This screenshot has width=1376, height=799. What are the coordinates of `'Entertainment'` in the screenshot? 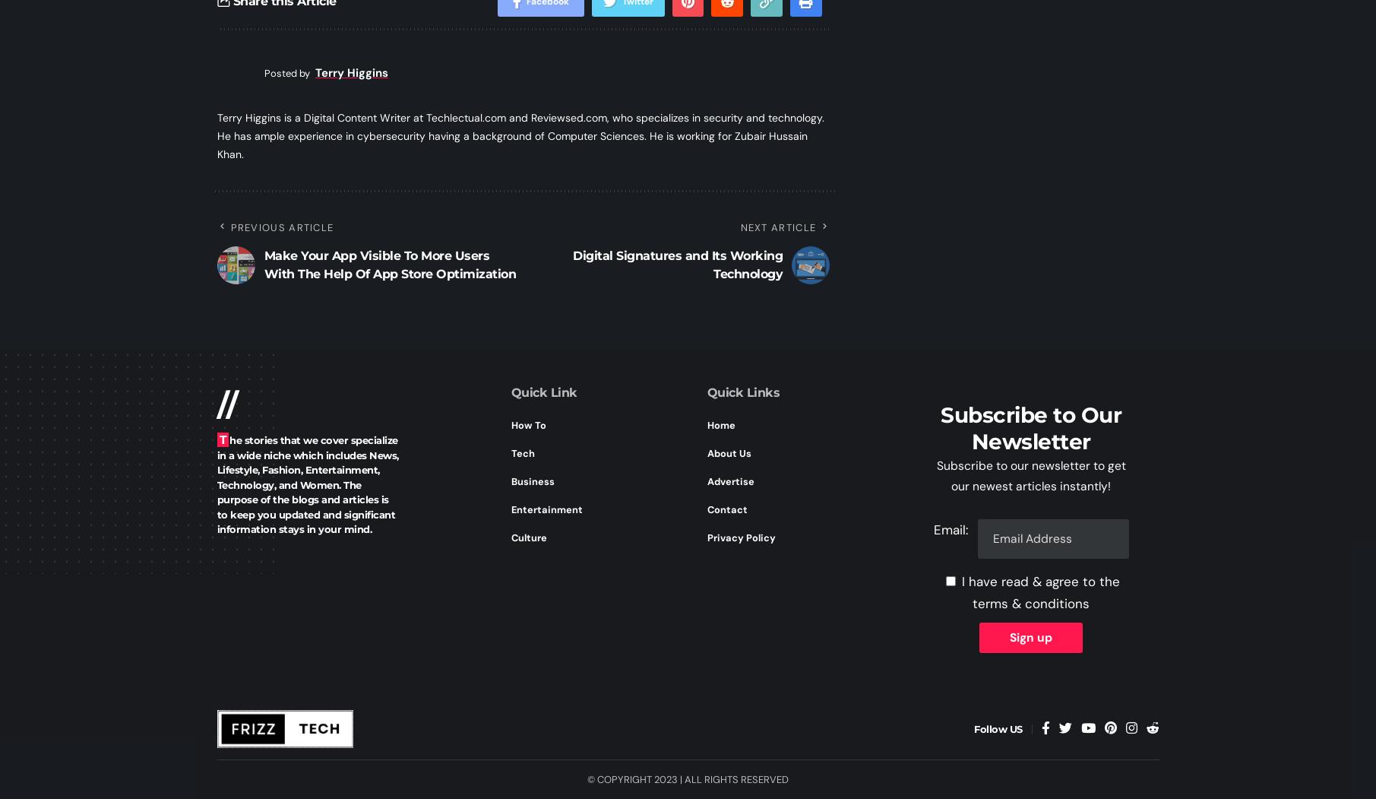 It's located at (545, 509).